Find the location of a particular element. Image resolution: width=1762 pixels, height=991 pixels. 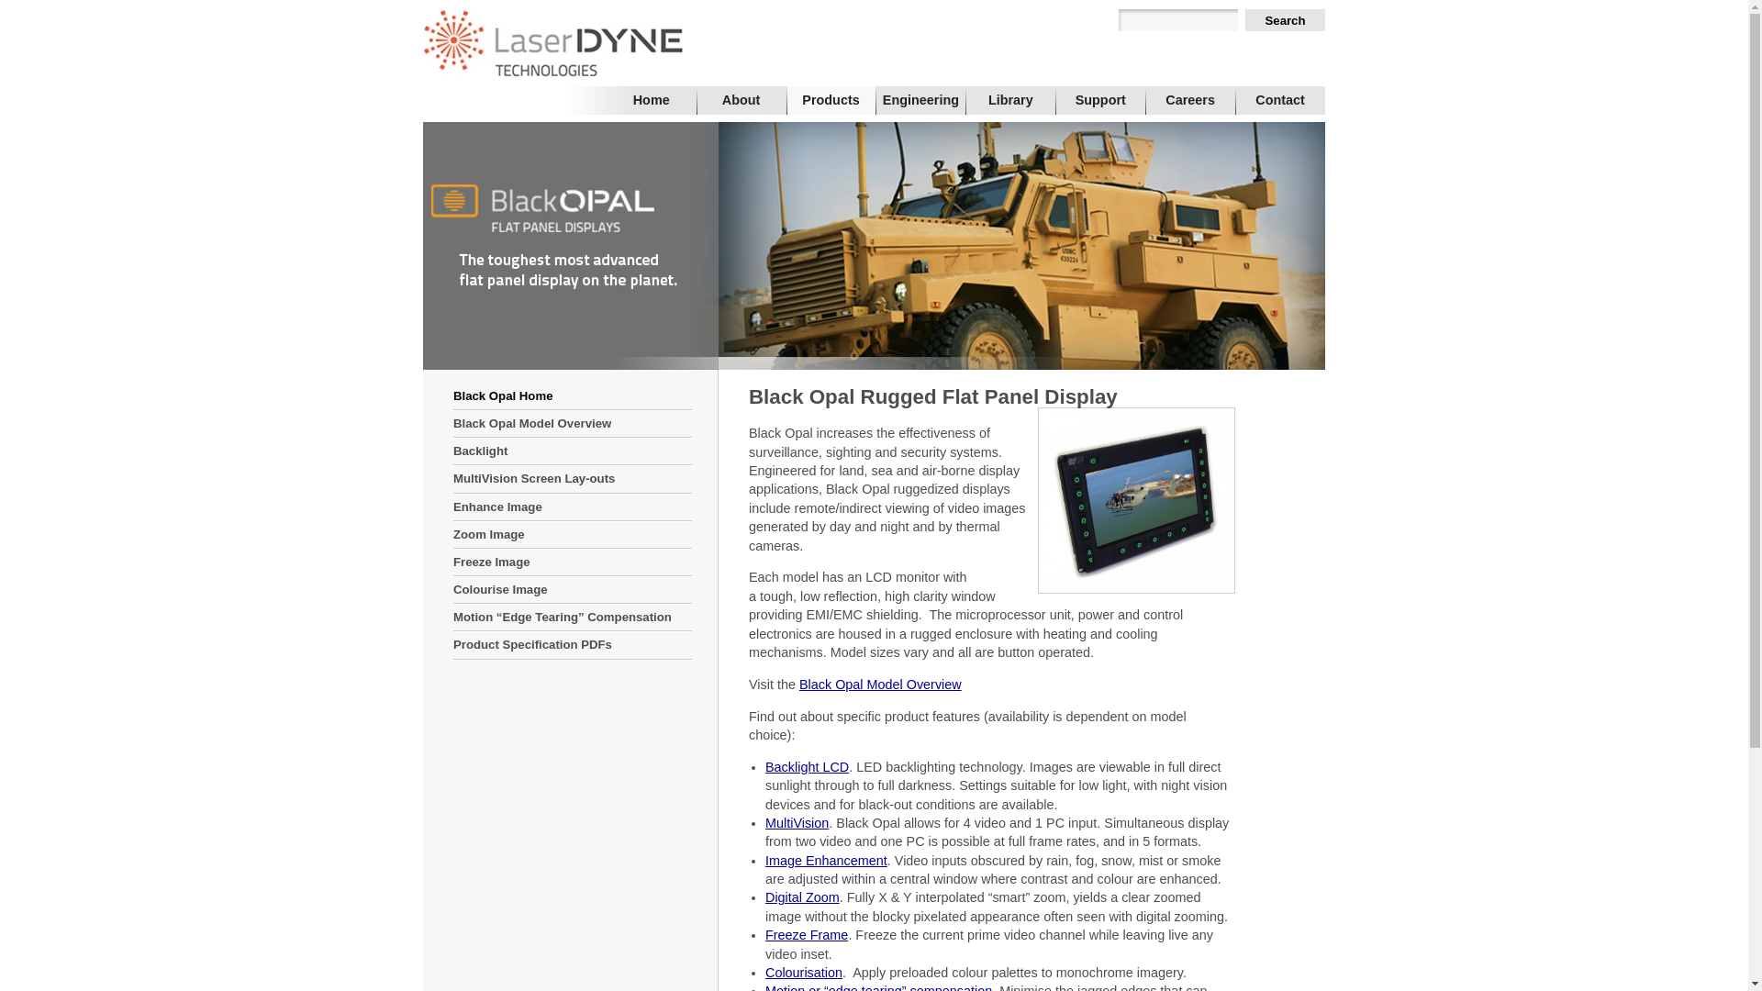

'Freeze Frame' is located at coordinates (765, 934).